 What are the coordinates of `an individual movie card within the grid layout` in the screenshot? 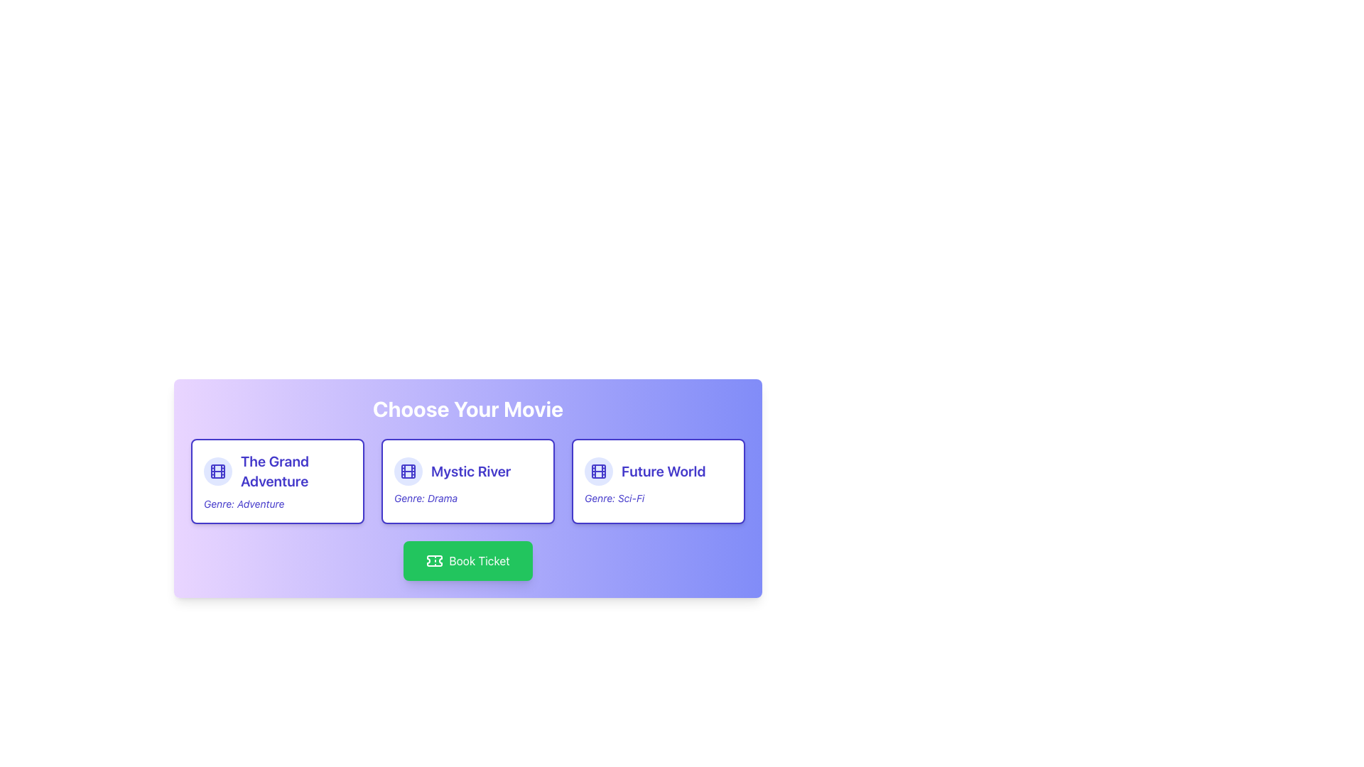 It's located at (467, 481).